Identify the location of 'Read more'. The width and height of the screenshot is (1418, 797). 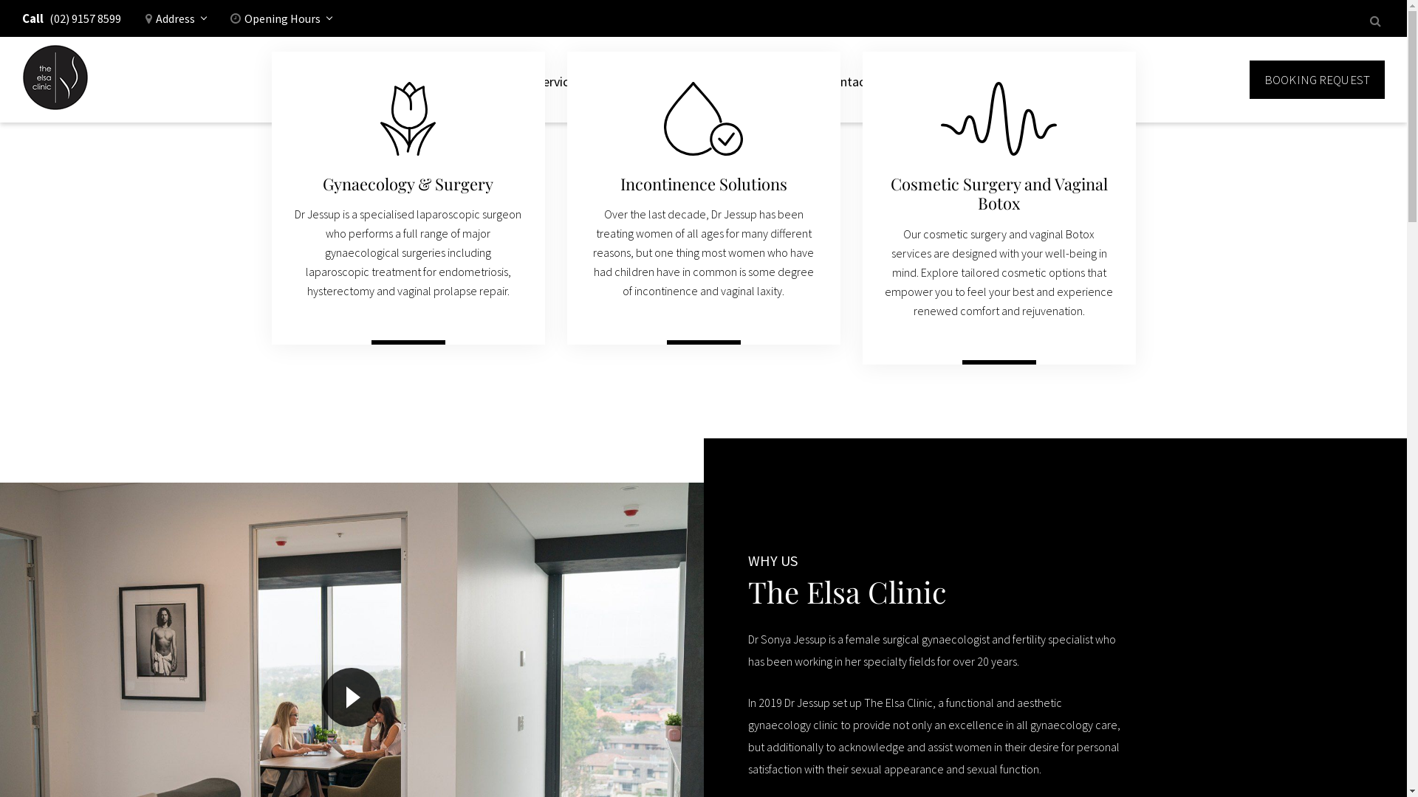
(665, 350).